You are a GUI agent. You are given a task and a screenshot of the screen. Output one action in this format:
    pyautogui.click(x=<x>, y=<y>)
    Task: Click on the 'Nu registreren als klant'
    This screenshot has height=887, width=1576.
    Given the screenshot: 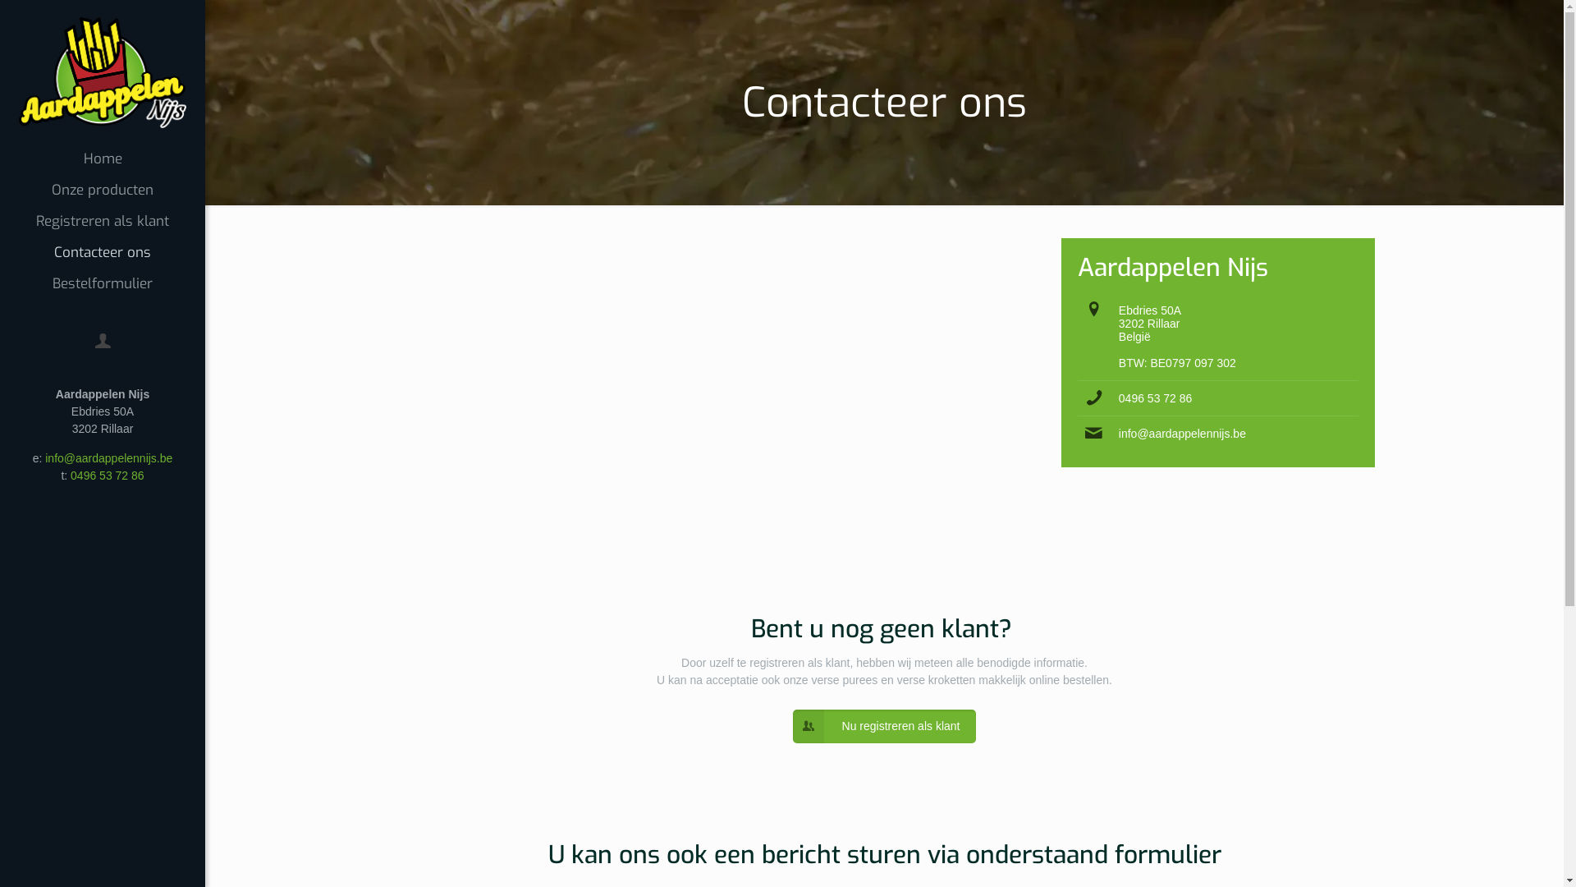 What is the action you would take?
    pyautogui.click(x=884, y=725)
    